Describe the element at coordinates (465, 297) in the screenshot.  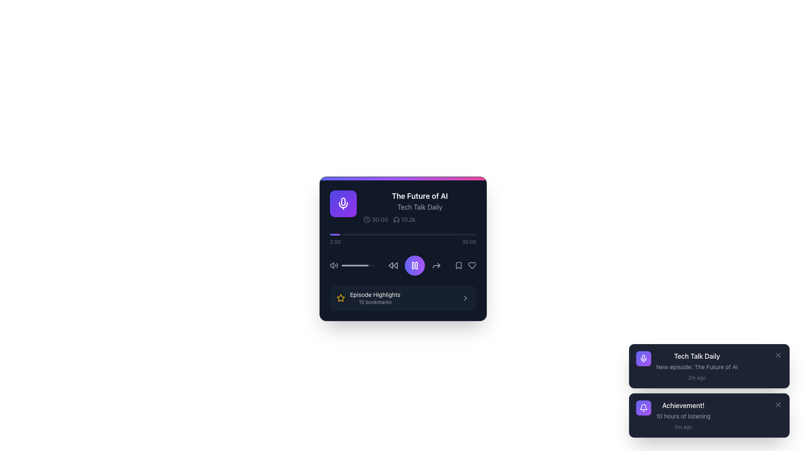
I see `the navigational icon located at the far right of the 'Episode Highlights' section, following the text '15 bookmarks'` at that location.